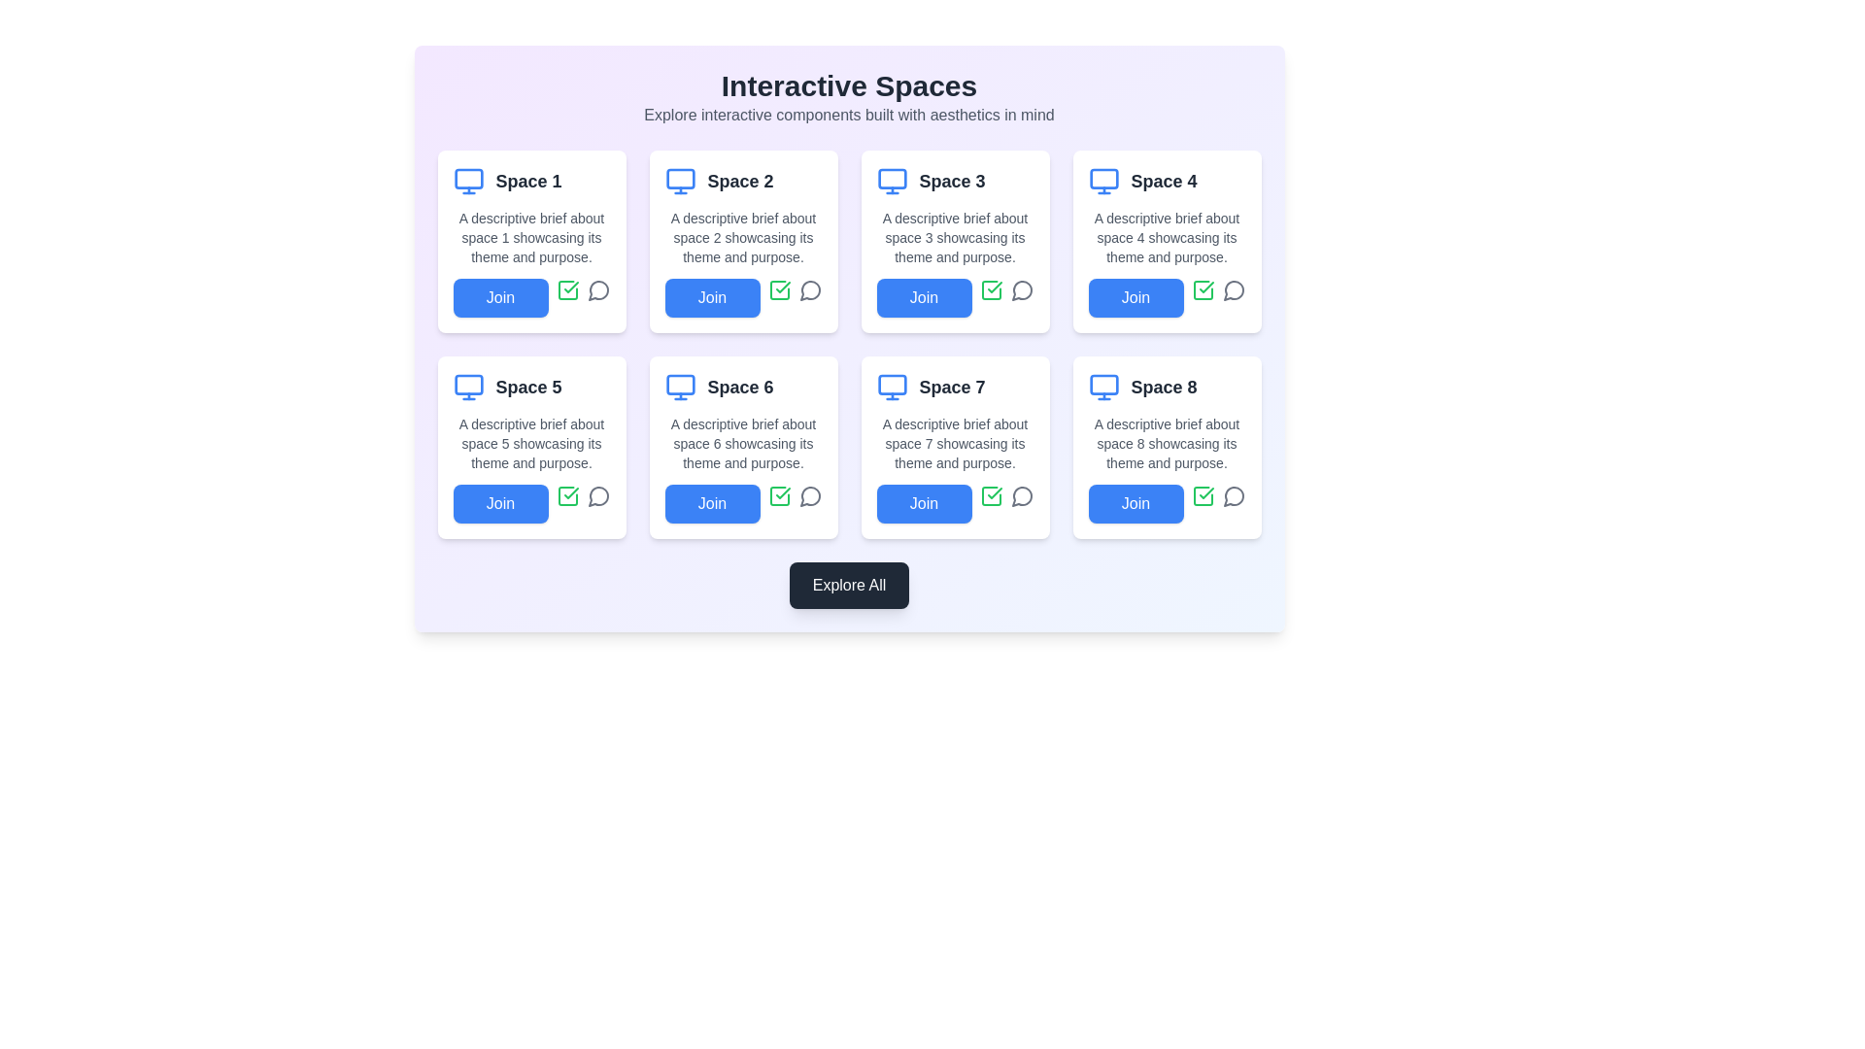 Image resolution: width=1865 pixels, height=1049 pixels. I want to click on the Checkbox or confirmation icon, which is a green outlined square with a checkmark, located between the 'Join' button and a speech bubble icon, so click(991, 494).